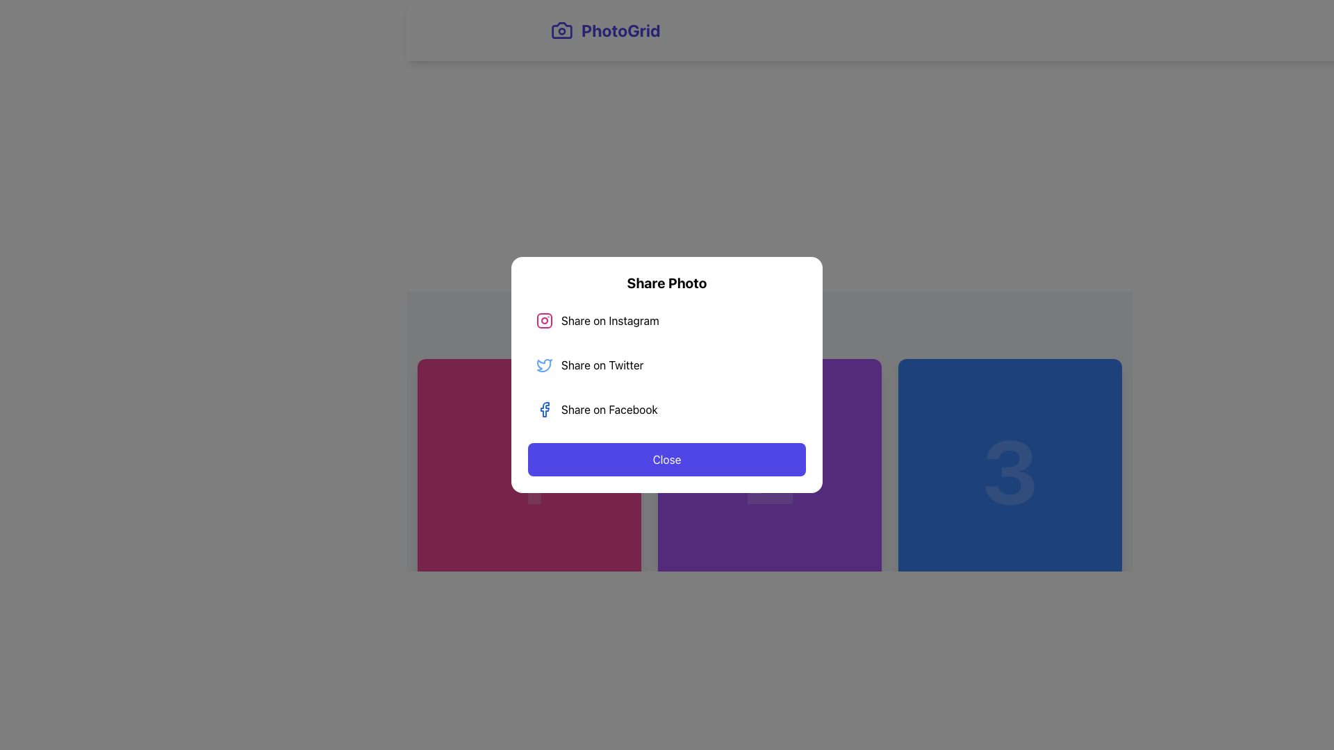 Image resolution: width=1334 pixels, height=750 pixels. Describe the element at coordinates (667, 364) in the screenshot. I see `the Twitter share button located centrally in the 'Share Photo' modal box` at that location.